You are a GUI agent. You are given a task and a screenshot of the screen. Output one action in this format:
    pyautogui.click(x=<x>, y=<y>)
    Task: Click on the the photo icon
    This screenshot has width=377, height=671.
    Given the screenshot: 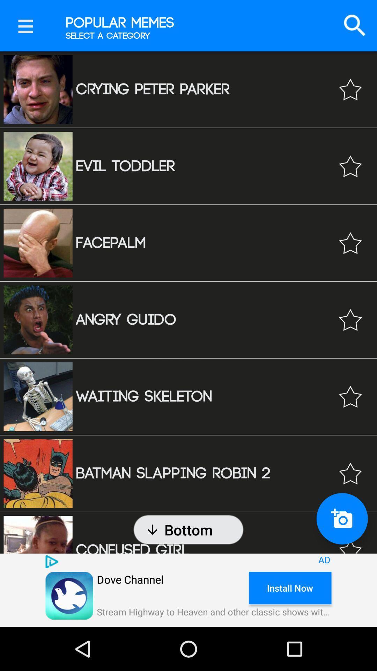 What is the action you would take?
    pyautogui.click(x=342, y=519)
    